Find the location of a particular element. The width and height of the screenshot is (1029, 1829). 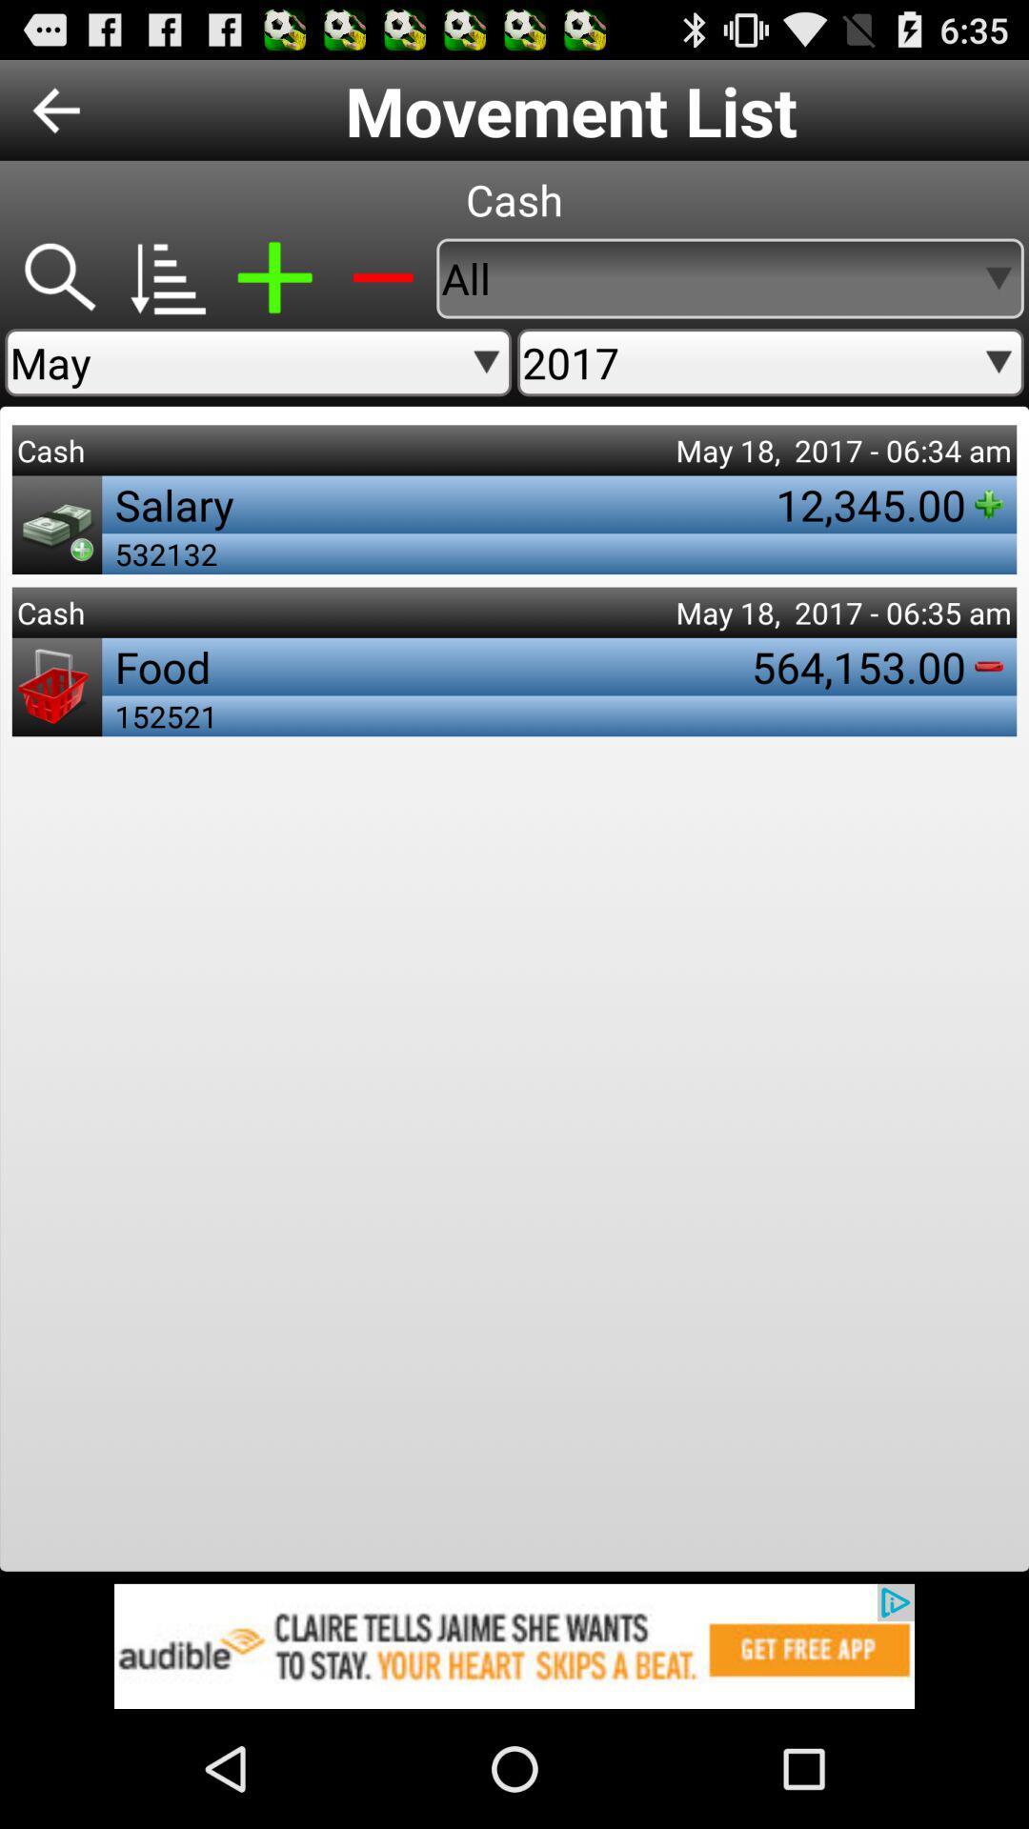

because back devicer is located at coordinates (57, 277).